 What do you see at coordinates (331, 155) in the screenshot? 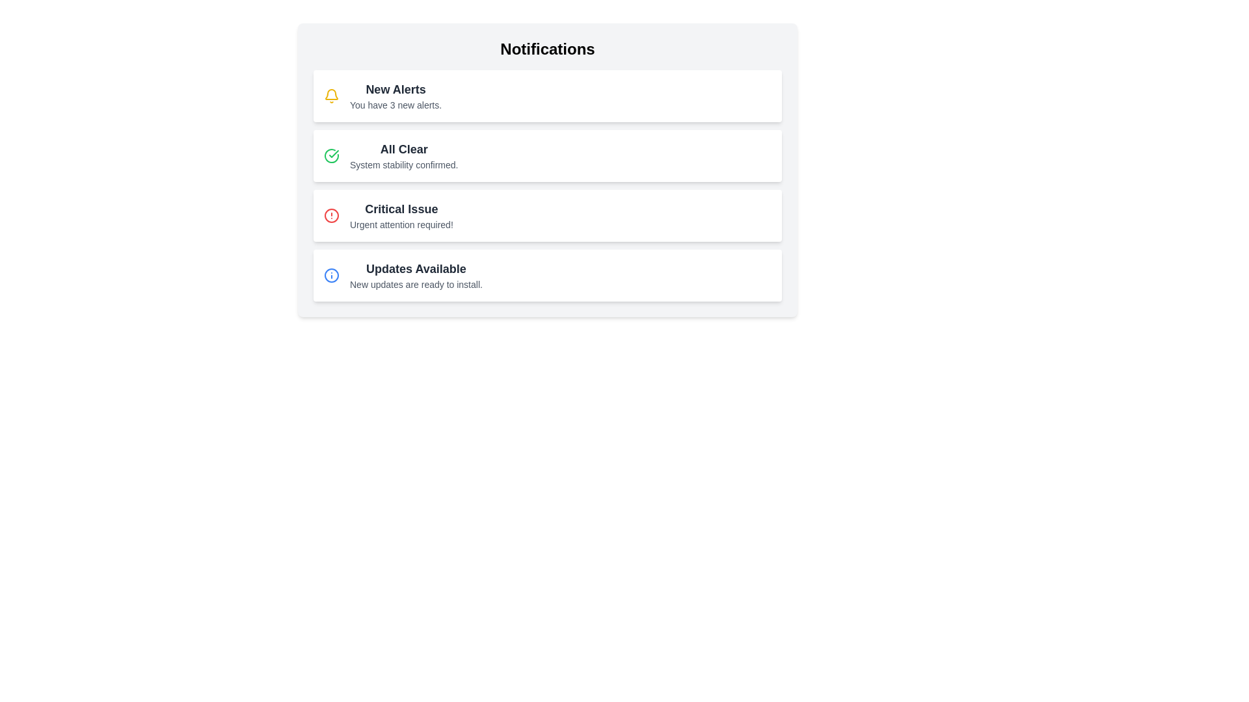
I see `the icon indicating the successful status of the notification message 'All Clear' by moving the cursor to its center point` at bounding box center [331, 155].